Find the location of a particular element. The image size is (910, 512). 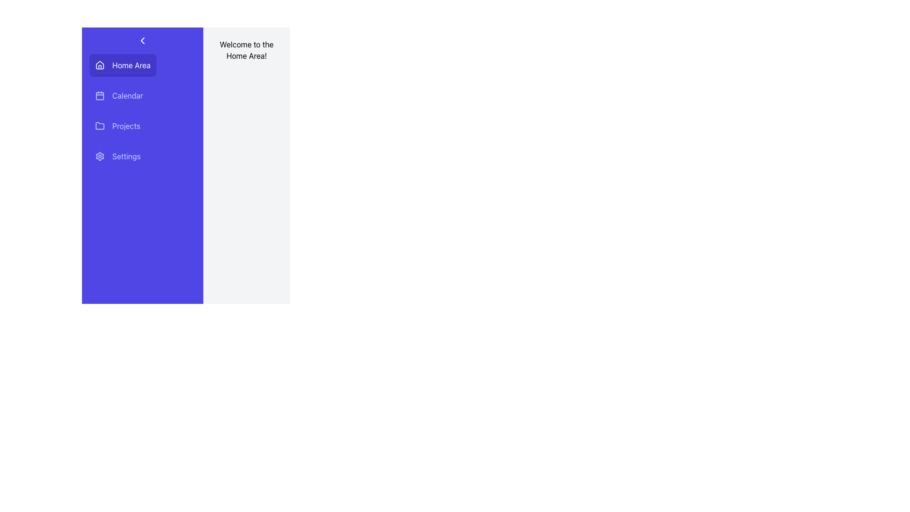

the menu item in the vertical navigation menu located on the left section of the interface is located at coordinates (142, 110).